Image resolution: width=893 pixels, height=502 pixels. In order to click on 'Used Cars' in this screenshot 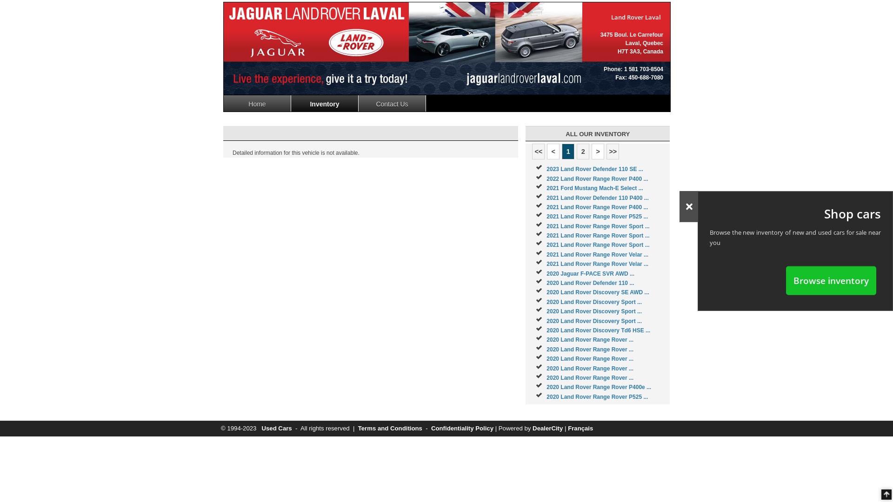, I will do `click(276, 428)`.